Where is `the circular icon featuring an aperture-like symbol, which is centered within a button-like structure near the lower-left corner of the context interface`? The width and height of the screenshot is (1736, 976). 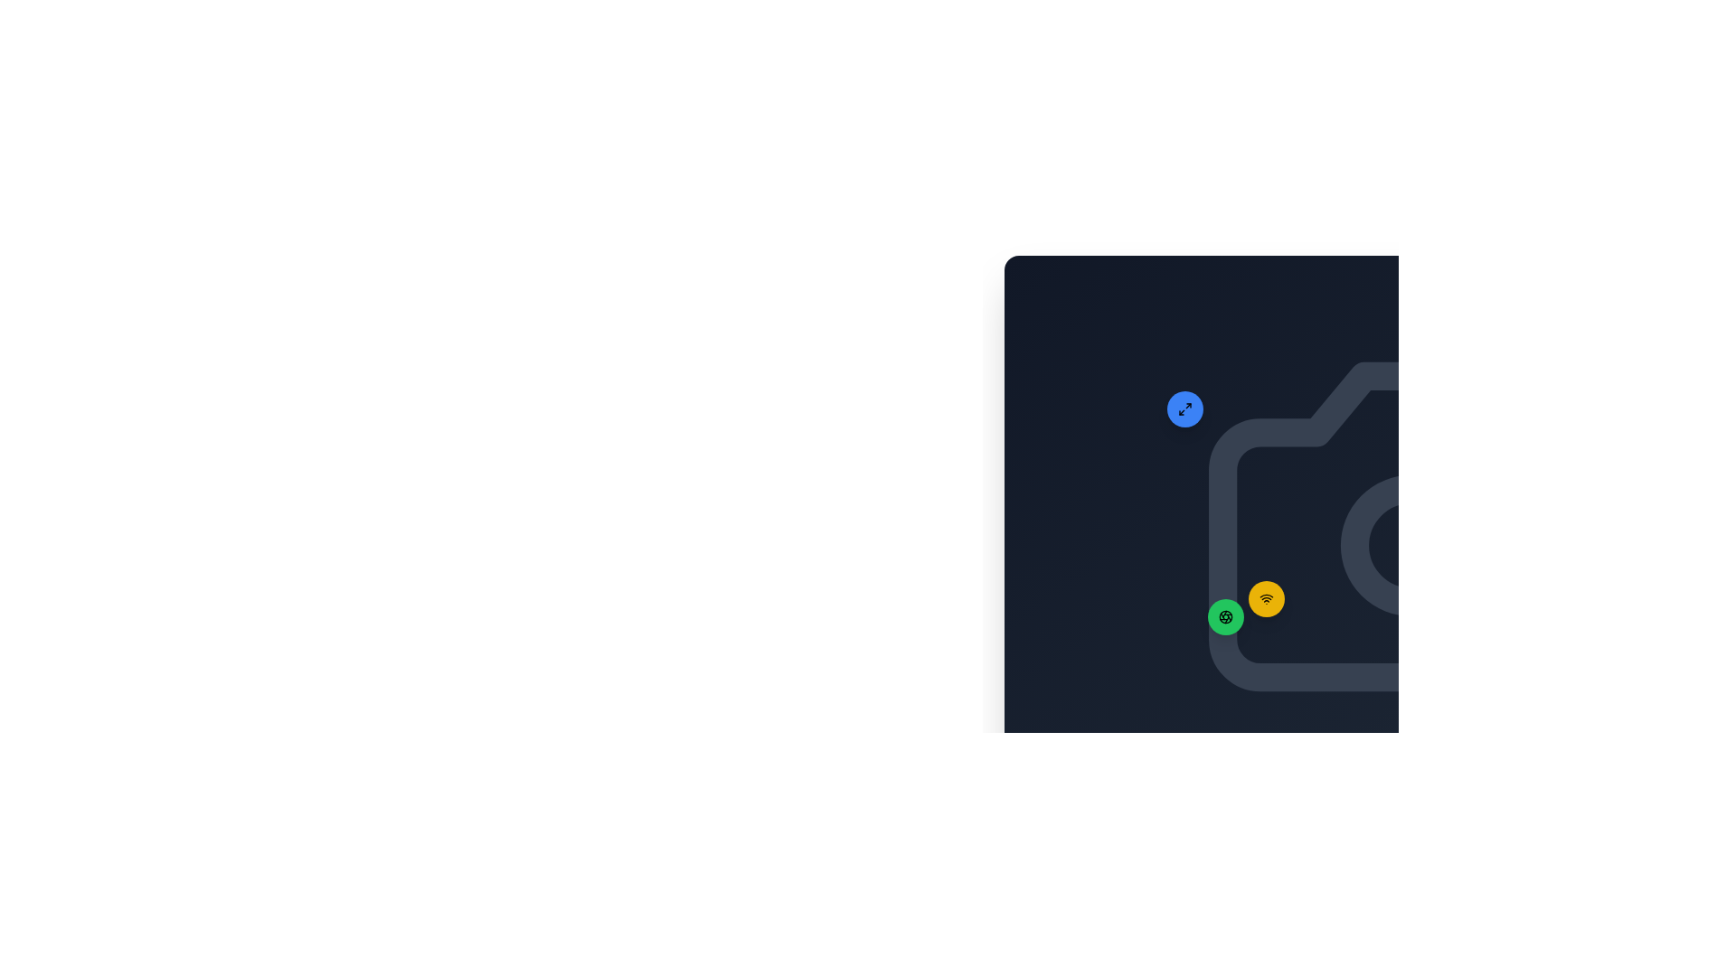
the circular icon featuring an aperture-like symbol, which is centered within a button-like structure near the lower-left corner of the context interface is located at coordinates (1226, 615).